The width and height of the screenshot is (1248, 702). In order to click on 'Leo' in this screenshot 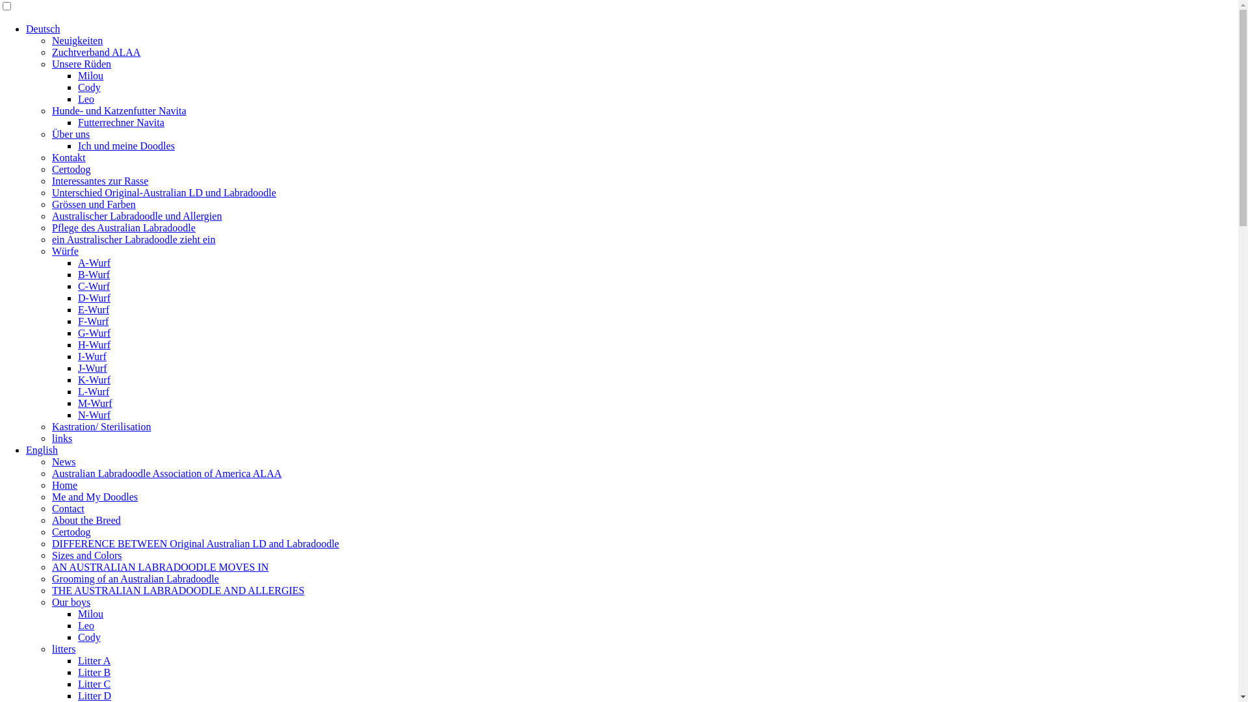, I will do `click(77, 98)`.